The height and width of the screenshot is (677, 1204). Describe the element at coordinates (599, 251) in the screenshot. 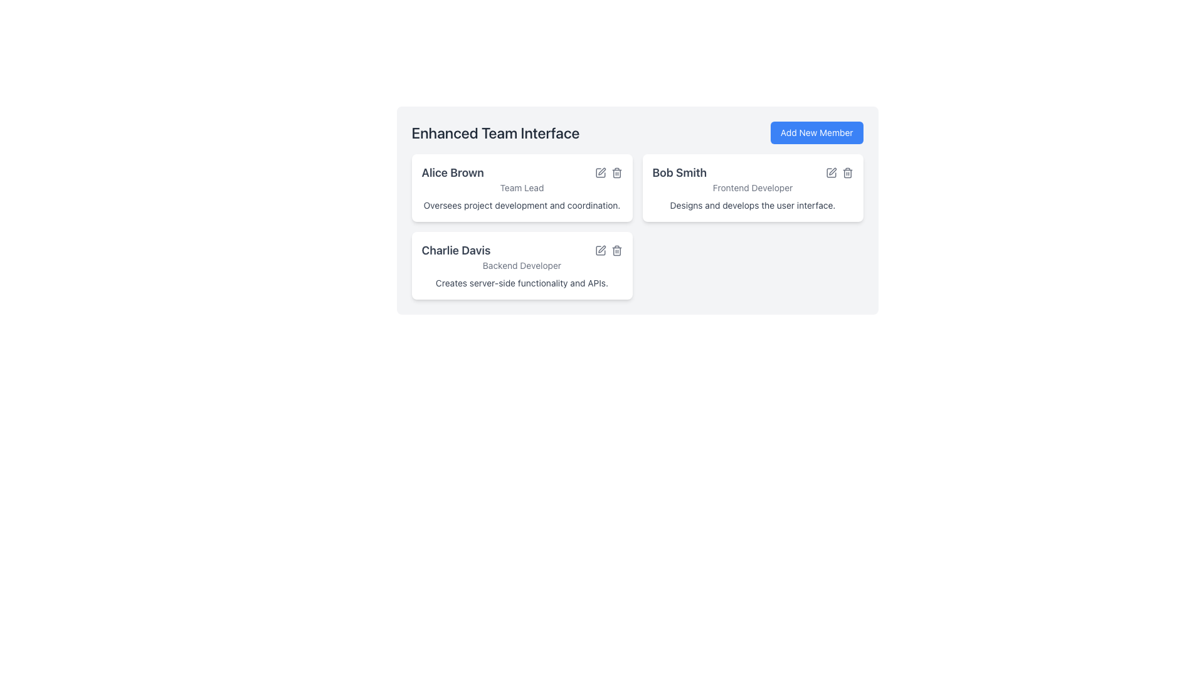

I see `the edit button for the user card labeled 'Charlie Davis', which is the first actionable icon in its group, located at the top right corner of the card` at that location.